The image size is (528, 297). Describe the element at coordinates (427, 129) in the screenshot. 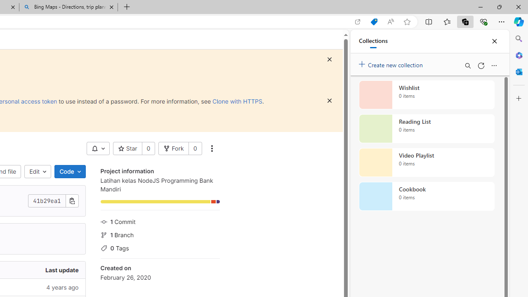

I see `'Reading List collection, 0 items'` at that location.